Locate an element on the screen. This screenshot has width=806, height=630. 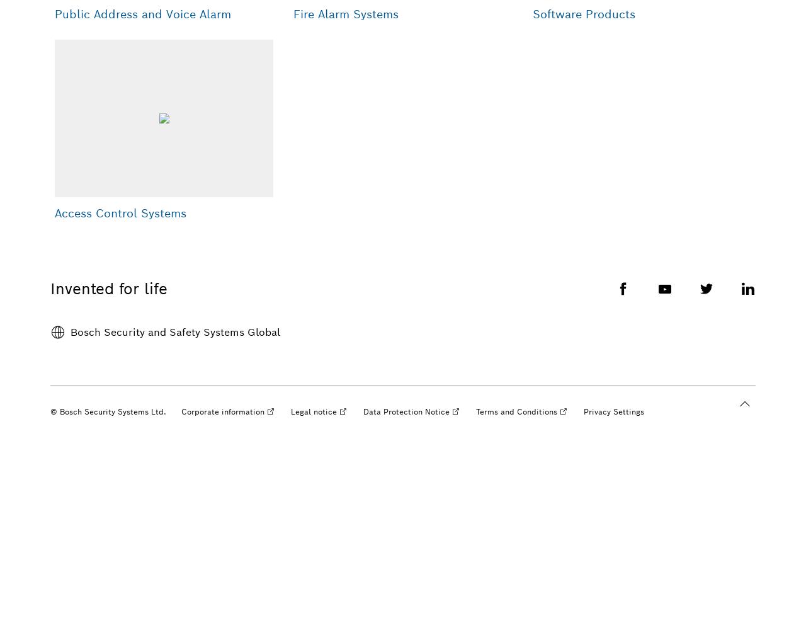
'Access Control Systems' is located at coordinates (120, 212).